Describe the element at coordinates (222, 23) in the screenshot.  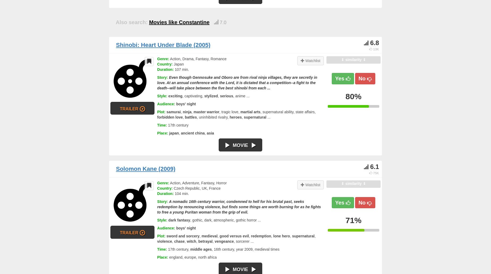
I see `'7.0'` at that location.